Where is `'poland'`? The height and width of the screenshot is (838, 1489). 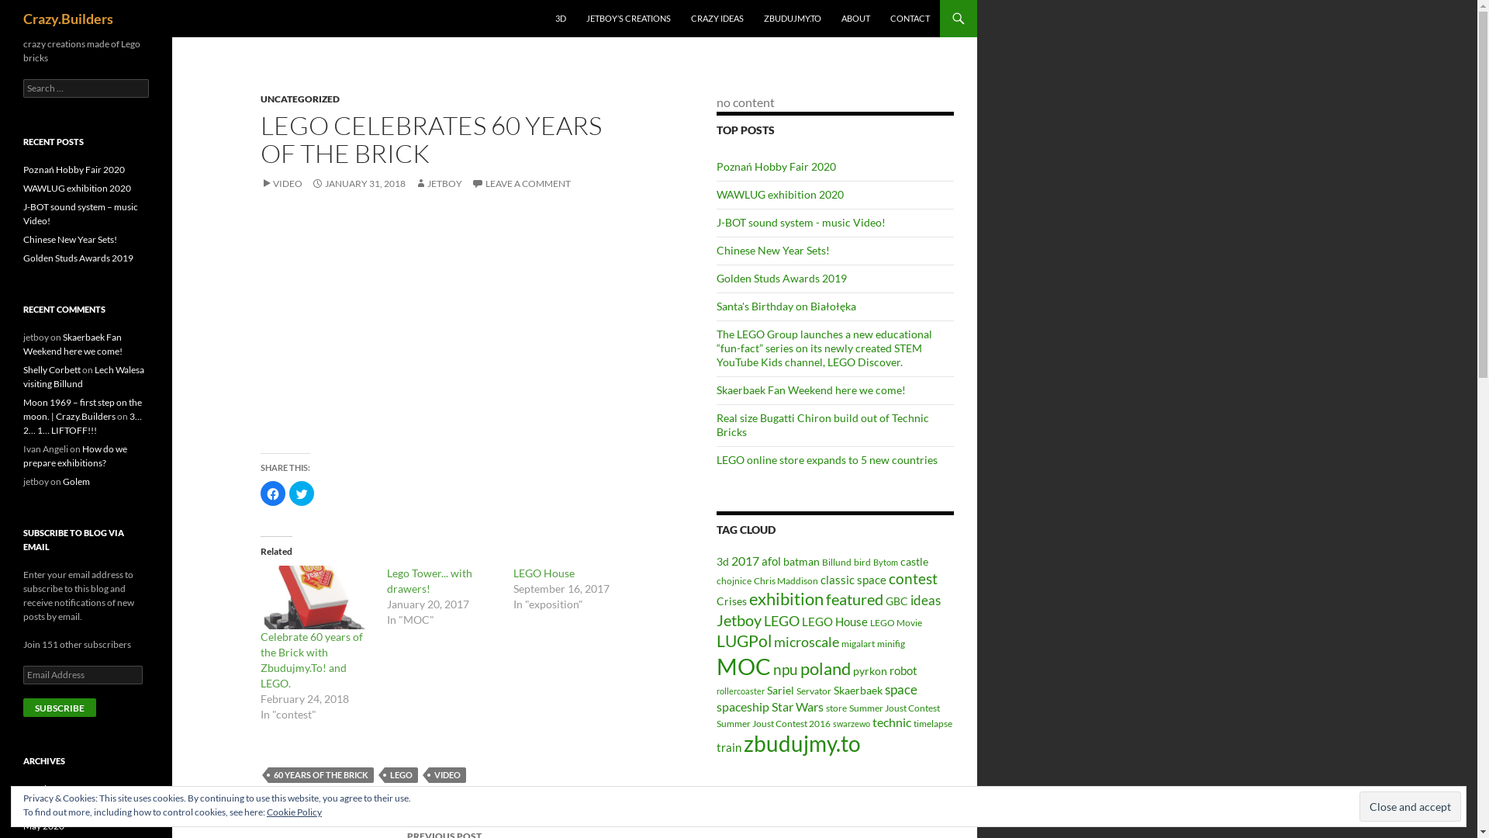
'poland' is located at coordinates (824, 667).